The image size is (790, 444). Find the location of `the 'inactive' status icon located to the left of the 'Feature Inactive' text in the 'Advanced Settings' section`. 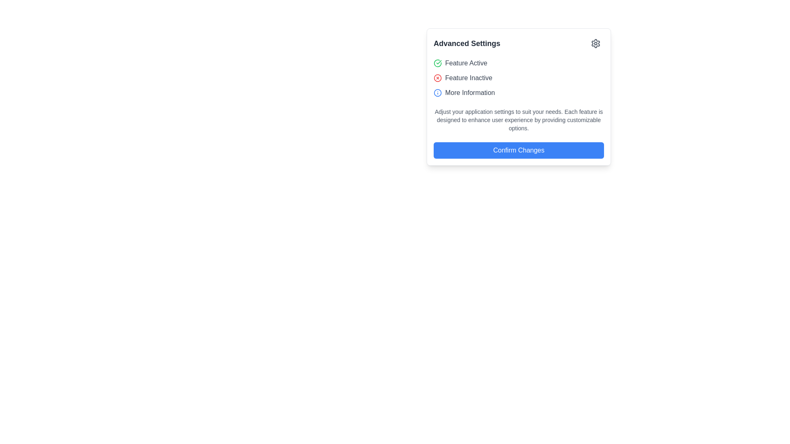

the 'inactive' status icon located to the left of the 'Feature Inactive' text in the 'Advanced Settings' section is located at coordinates (437, 78).